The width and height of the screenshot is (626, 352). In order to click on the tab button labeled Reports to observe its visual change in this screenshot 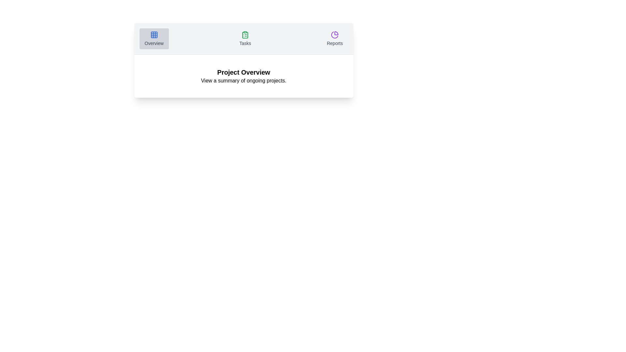, I will do `click(335, 39)`.